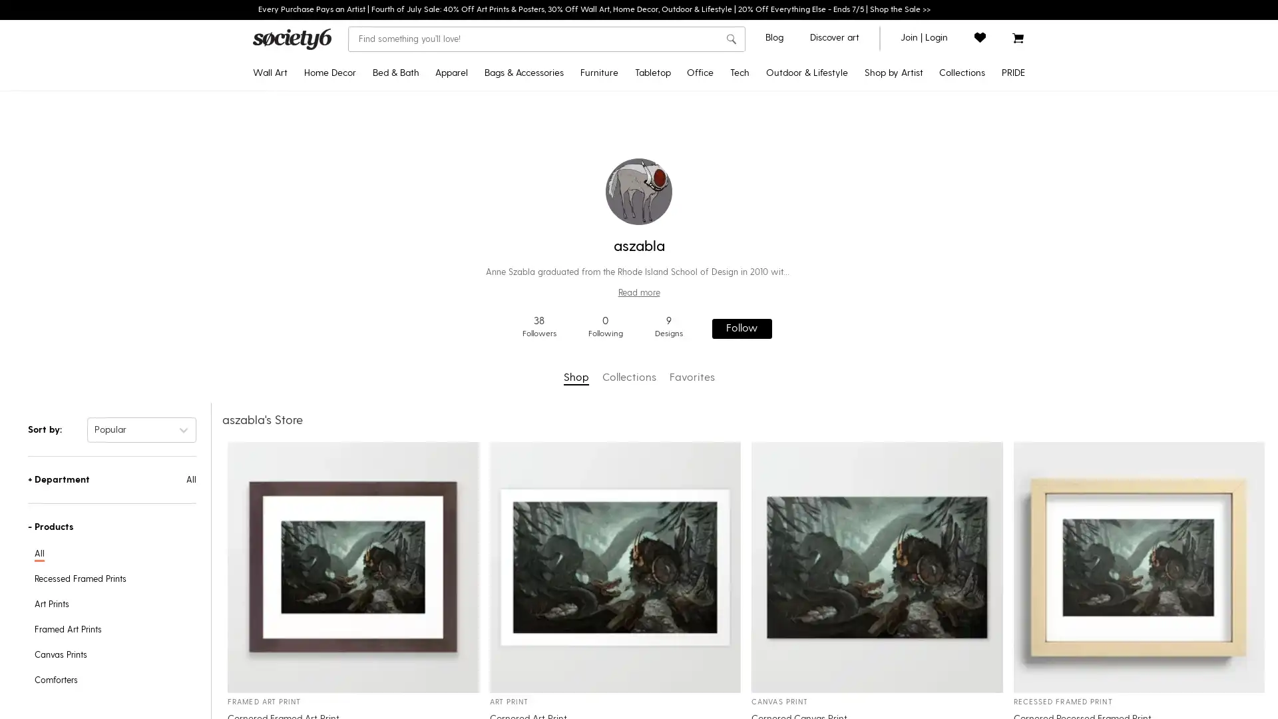 The width and height of the screenshot is (1278, 719). I want to click on Beach Towels, so click(824, 300).